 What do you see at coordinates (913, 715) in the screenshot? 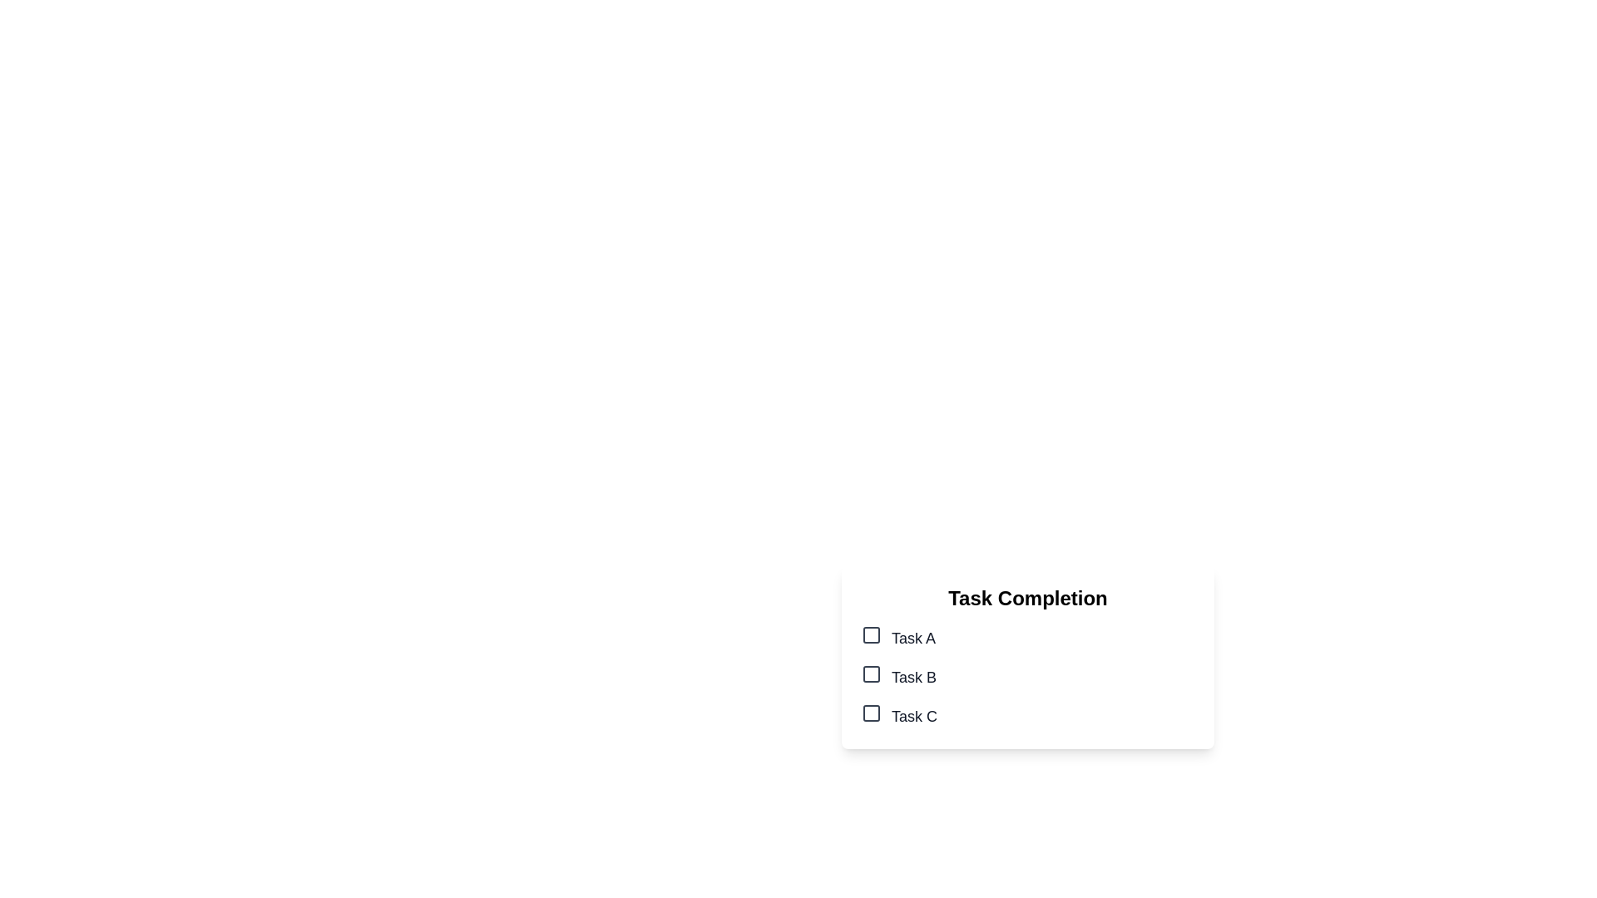
I see `the label displaying 'Task C', which is the third item in a vertical list of tasks located beneath the header 'Task Completion' in the lower right area of the interface` at bounding box center [913, 715].